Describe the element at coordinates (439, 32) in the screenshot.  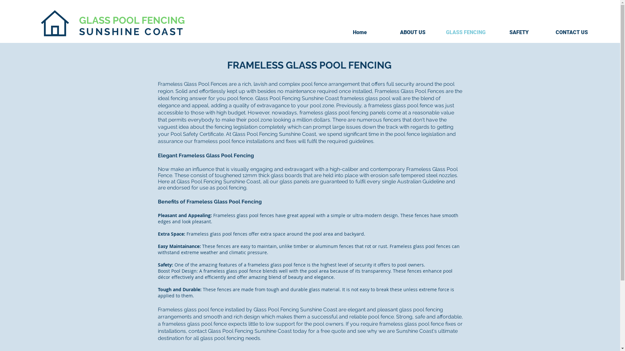
I see `'GLASS FENCING'` at that location.